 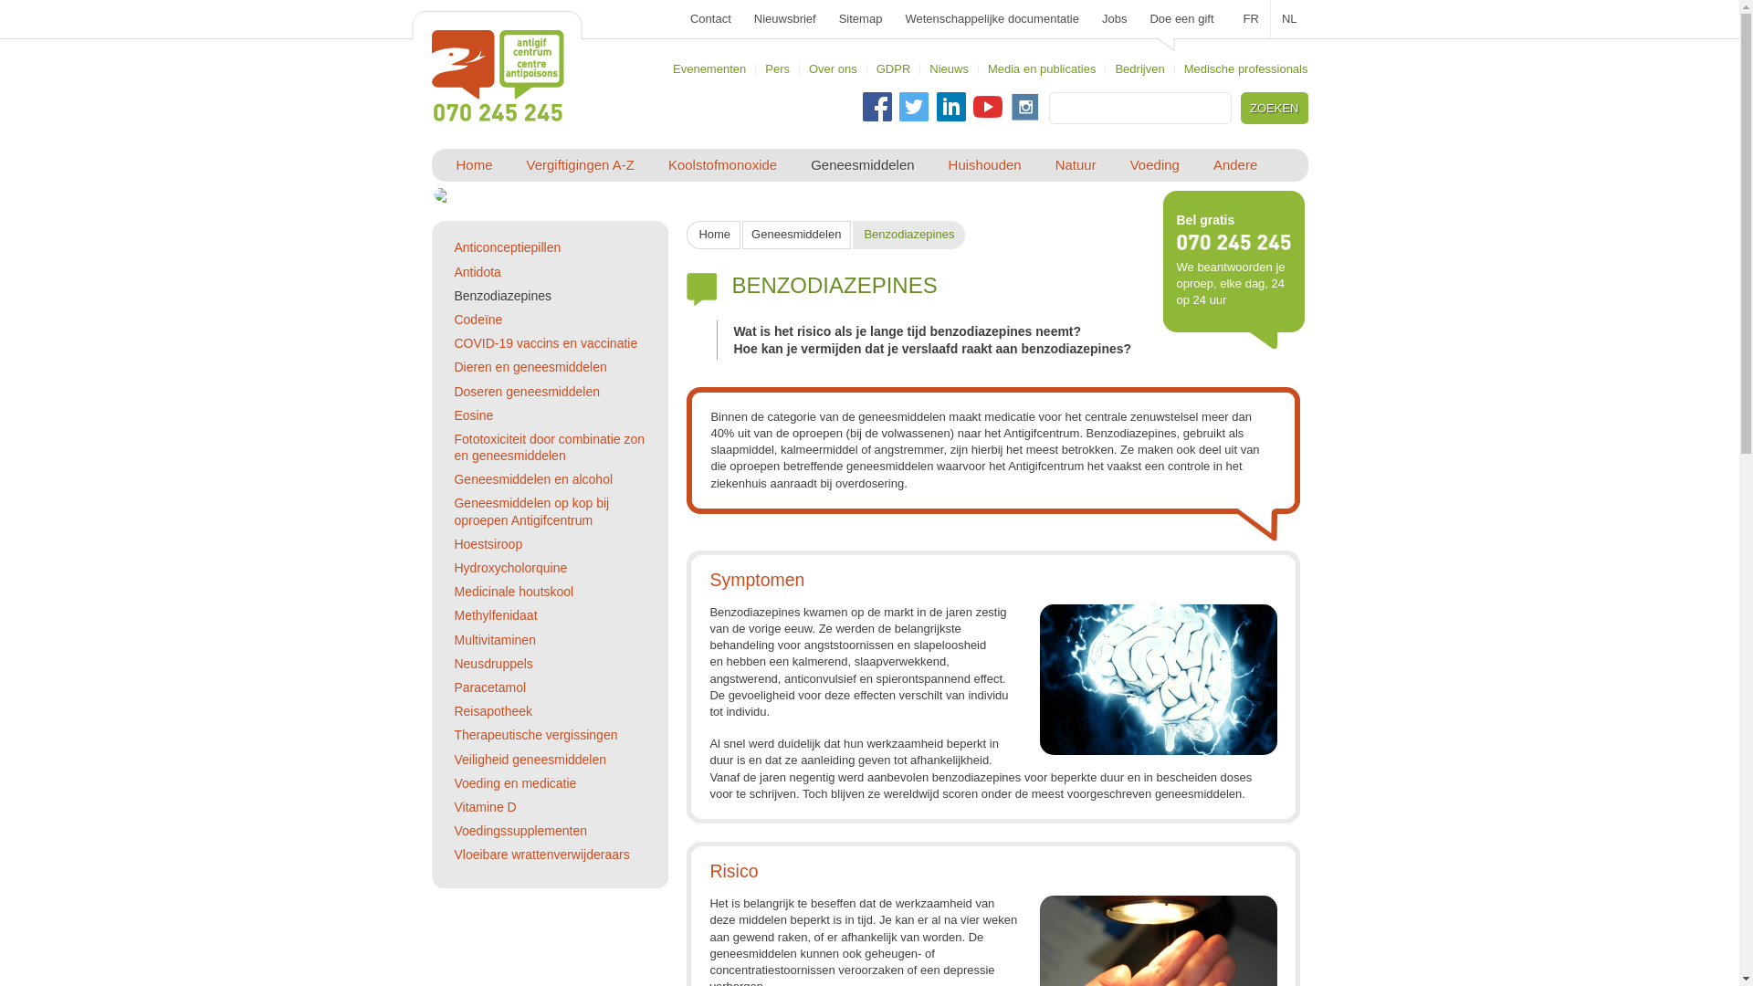 I want to click on 'Over ons', so click(x=832, y=68).